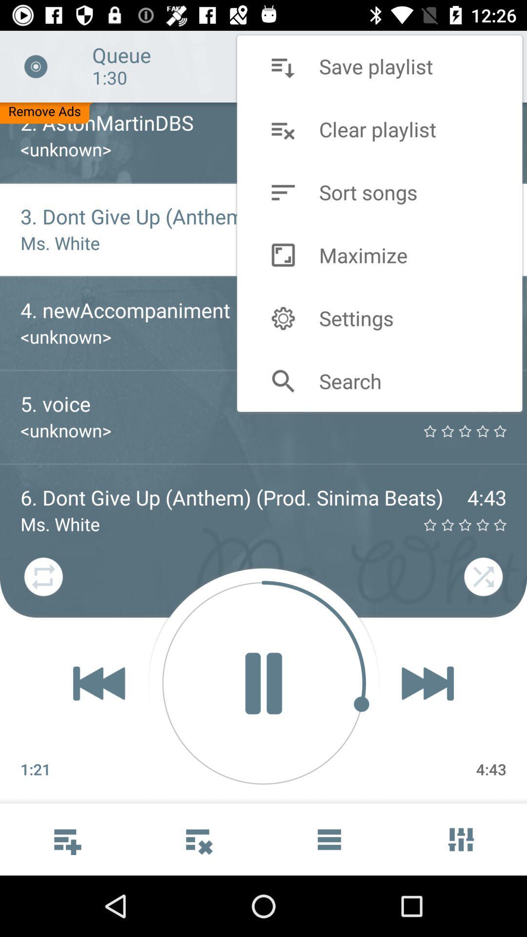  What do you see at coordinates (43, 578) in the screenshot?
I see `the repeat icon` at bounding box center [43, 578].